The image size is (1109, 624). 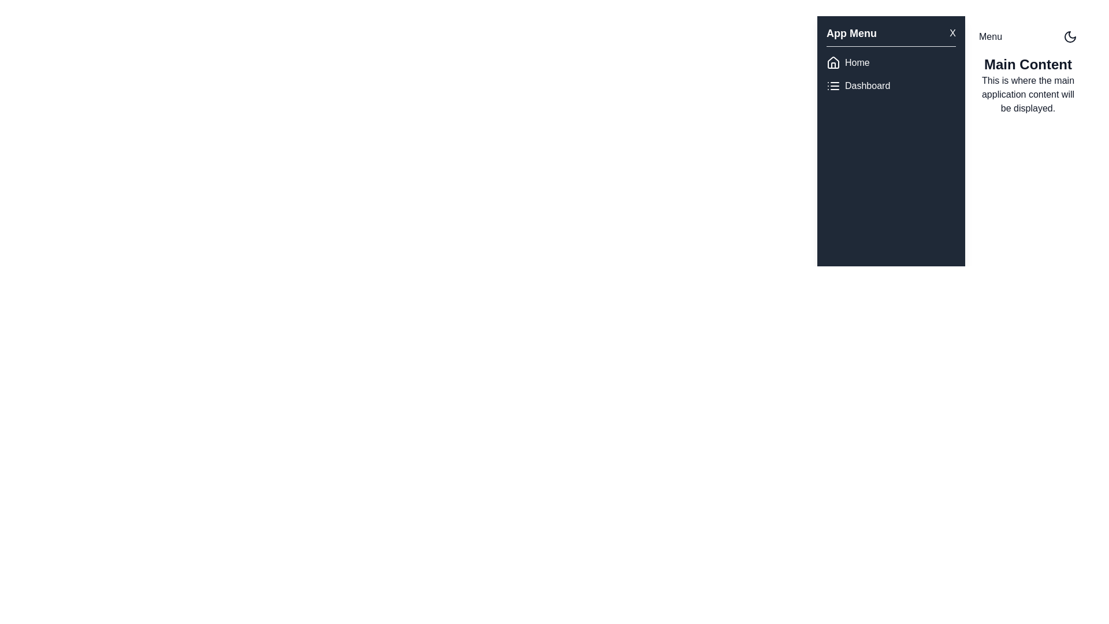 What do you see at coordinates (833, 62) in the screenshot?
I see `the 'Home' menu item icon in the sidebar navigation menu` at bounding box center [833, 62].